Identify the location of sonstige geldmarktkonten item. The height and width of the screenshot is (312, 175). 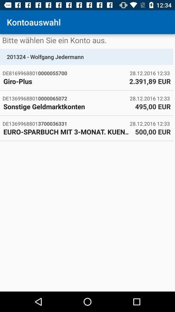
(67, 106).